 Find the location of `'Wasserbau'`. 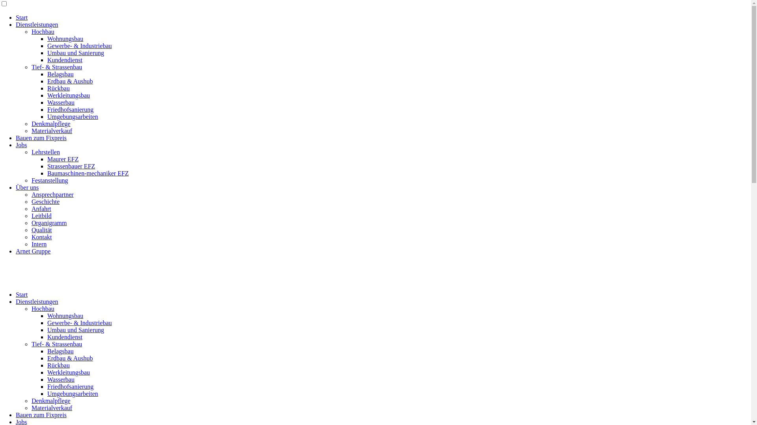

'Wasserbau' is located at coordinates (60, 379).